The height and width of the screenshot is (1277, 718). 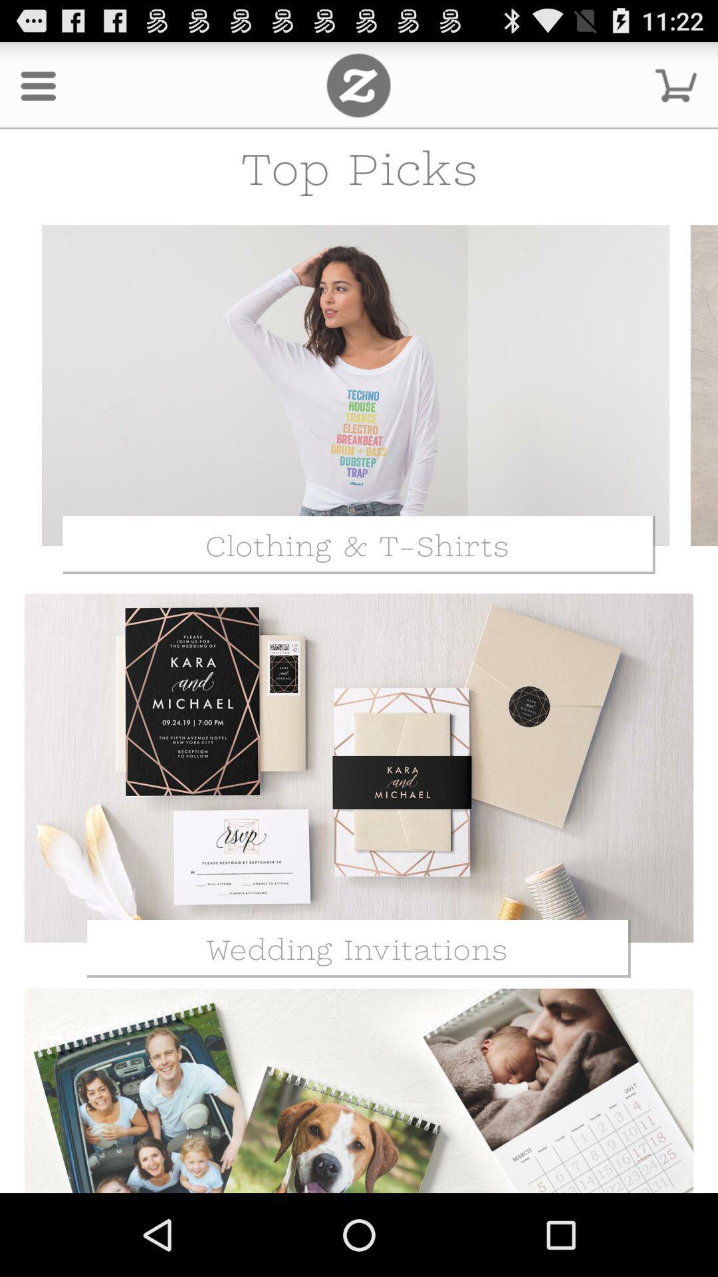 I want to click on the icon which is to the next of the menu icon, so click(x=358, y=84).